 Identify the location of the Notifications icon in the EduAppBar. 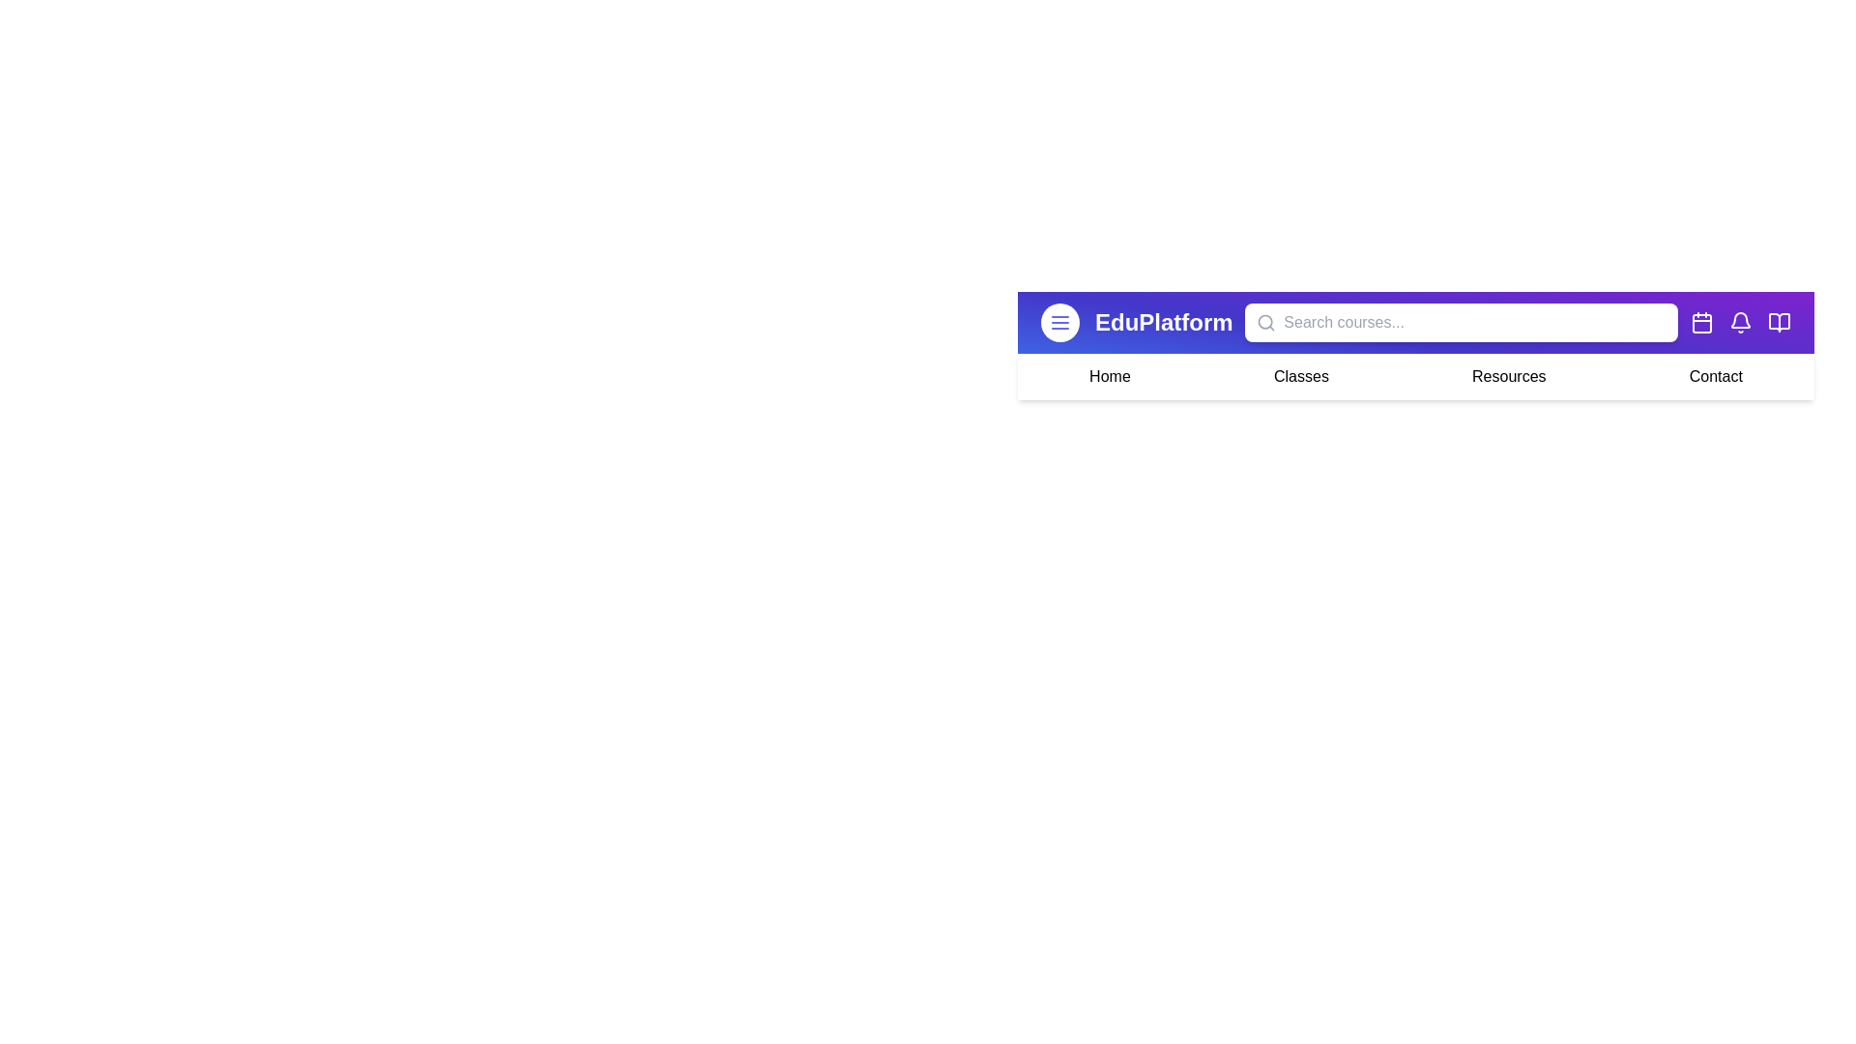
(1740, 322).